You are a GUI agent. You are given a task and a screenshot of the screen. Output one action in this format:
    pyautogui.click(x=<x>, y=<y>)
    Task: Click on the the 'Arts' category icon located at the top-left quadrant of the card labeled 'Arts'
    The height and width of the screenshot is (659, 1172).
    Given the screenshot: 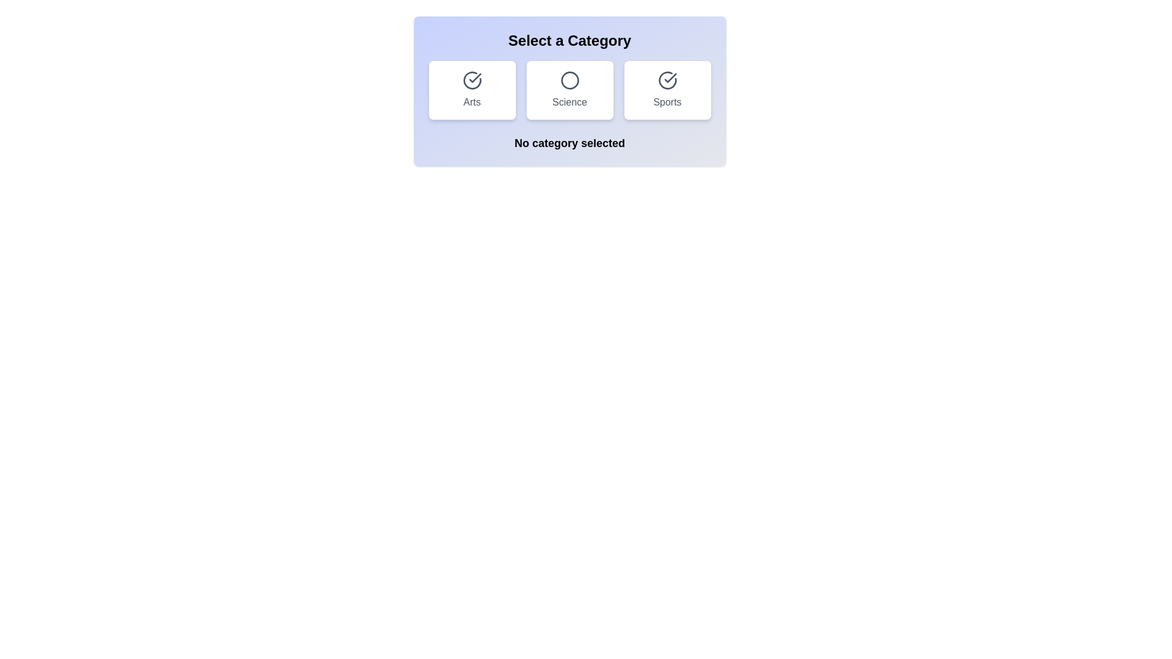 What is the action you would take?
    pyautogui.click(x=471, y=80)
    